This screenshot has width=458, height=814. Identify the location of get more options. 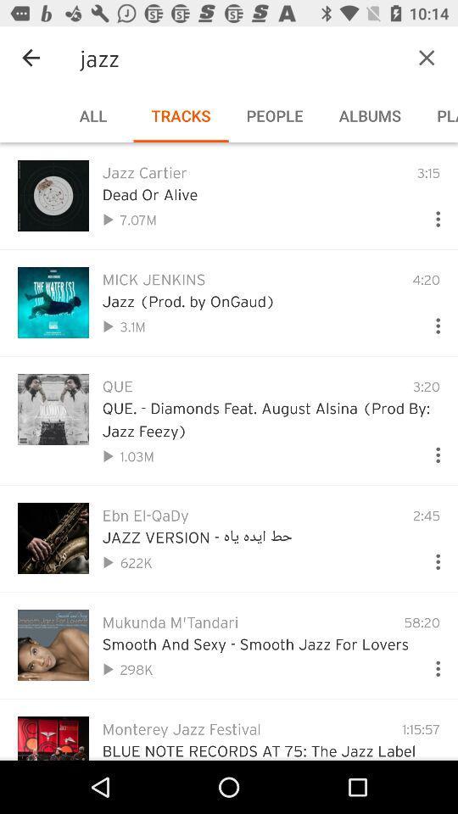
(431, 321).